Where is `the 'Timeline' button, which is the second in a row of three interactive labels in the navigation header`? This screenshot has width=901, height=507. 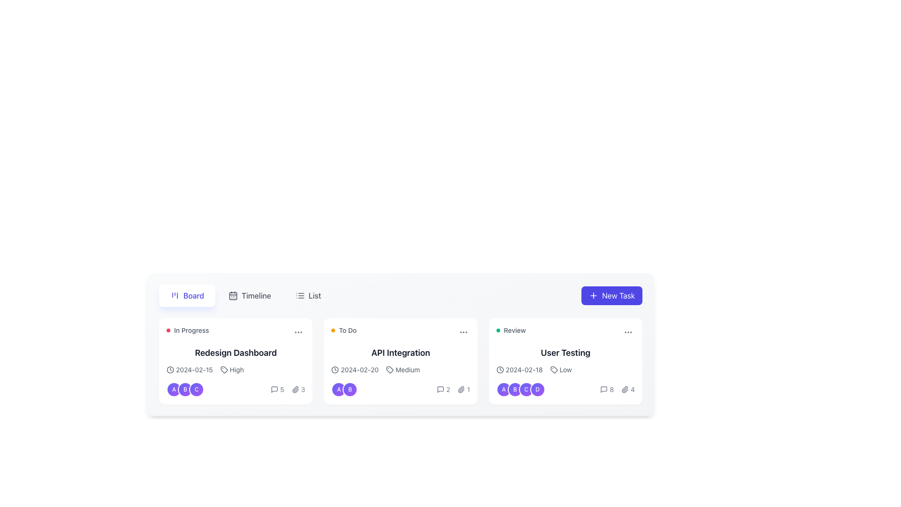
the 'Timeline' button, which is the second in a row of three interactive labels in the navigation header is located at coordinates (250, 295).